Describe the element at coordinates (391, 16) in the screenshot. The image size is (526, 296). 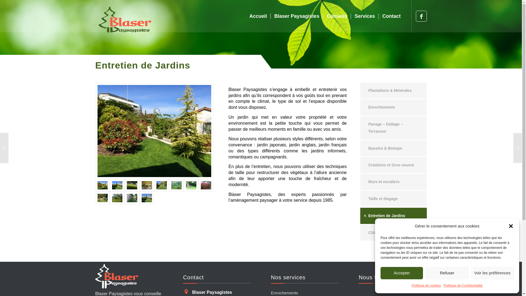
I see `'Contact'` at that location.